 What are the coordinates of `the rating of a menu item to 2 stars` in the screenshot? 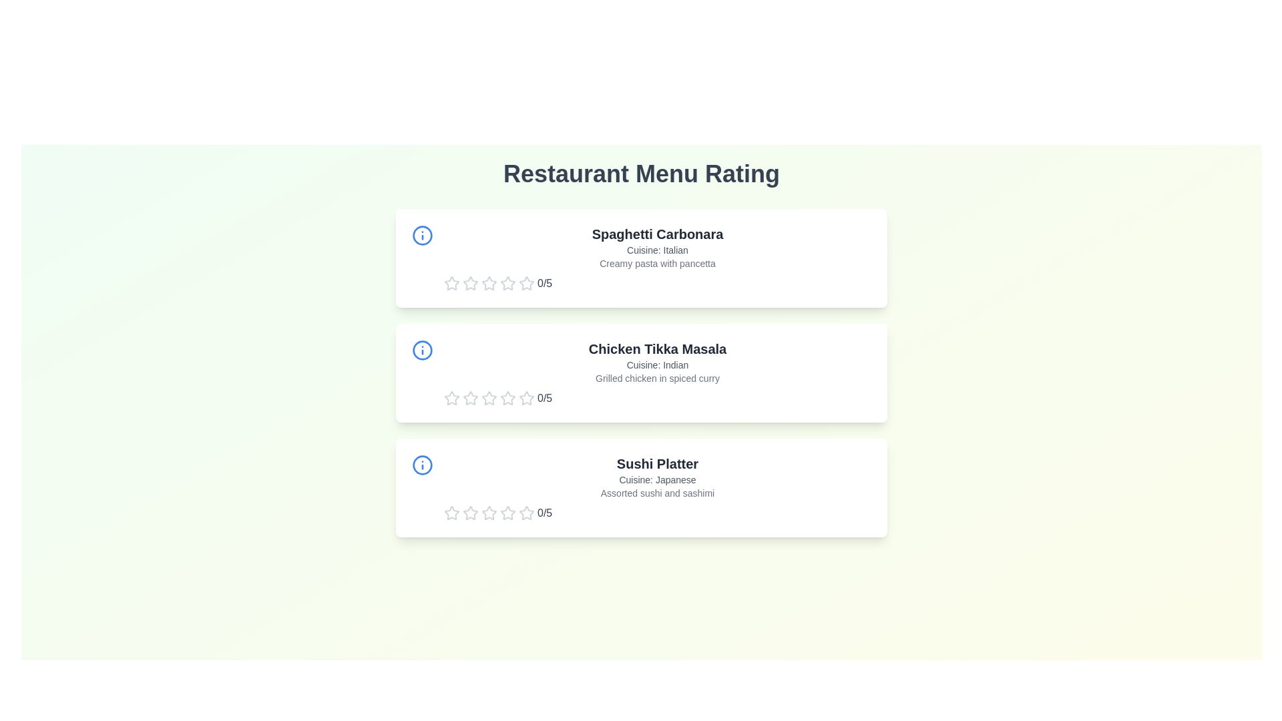 It's located at (471, 282).